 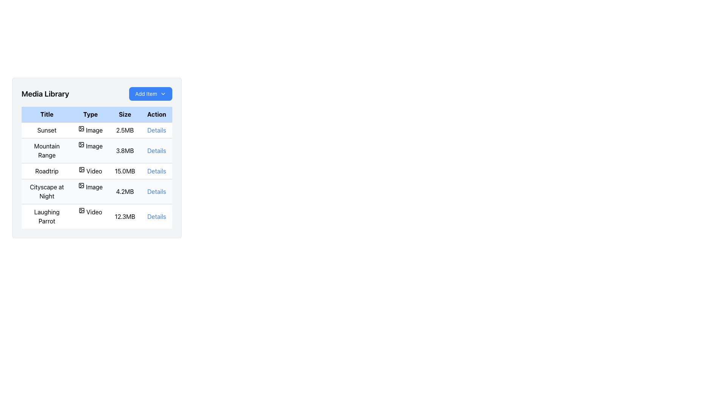 What do you see at coordinates (156, 150) in the screenshot?
I see `the blue text link labeled 'Details' in the 'Action' column of the 'Mountain Range' row` at bounding box center [156, 150].